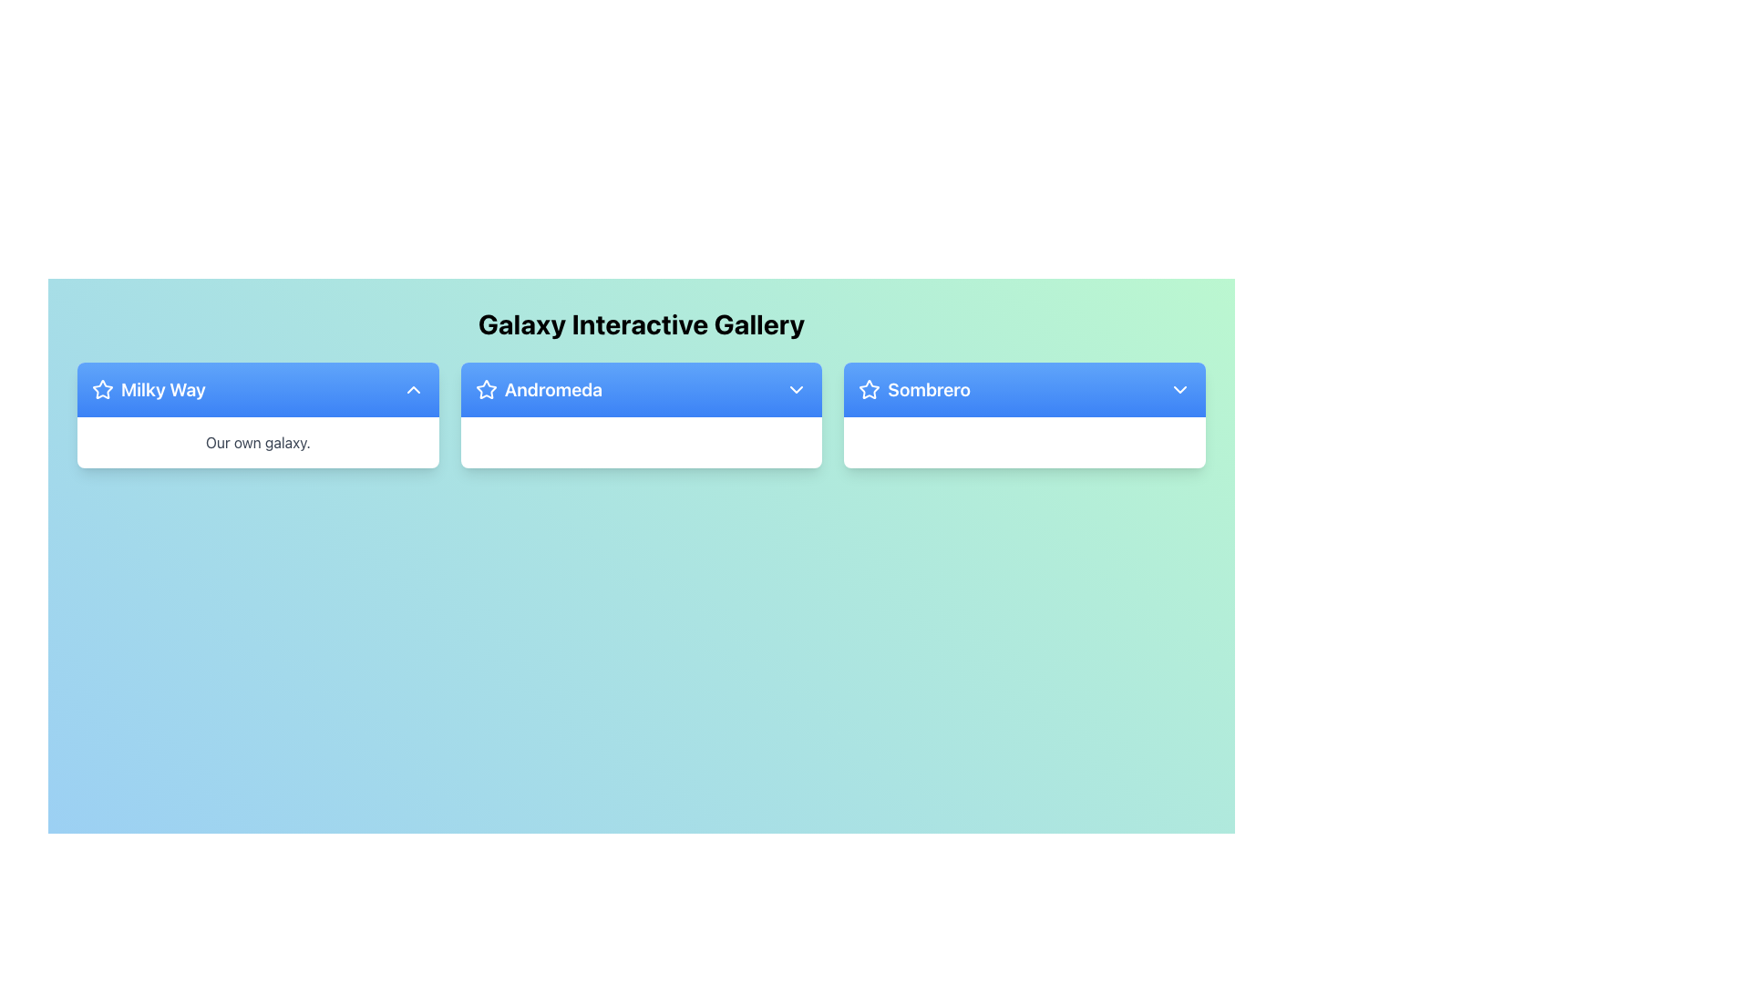 This screenshot has width=1750, height=984. What do you see at coordinates (486, 389) in the screenshot?
I see `the star icon located in the header of the 'Andromeda' card, positioned at the left side of the header, adjacent to the title text` at bounding box center [486, 389].